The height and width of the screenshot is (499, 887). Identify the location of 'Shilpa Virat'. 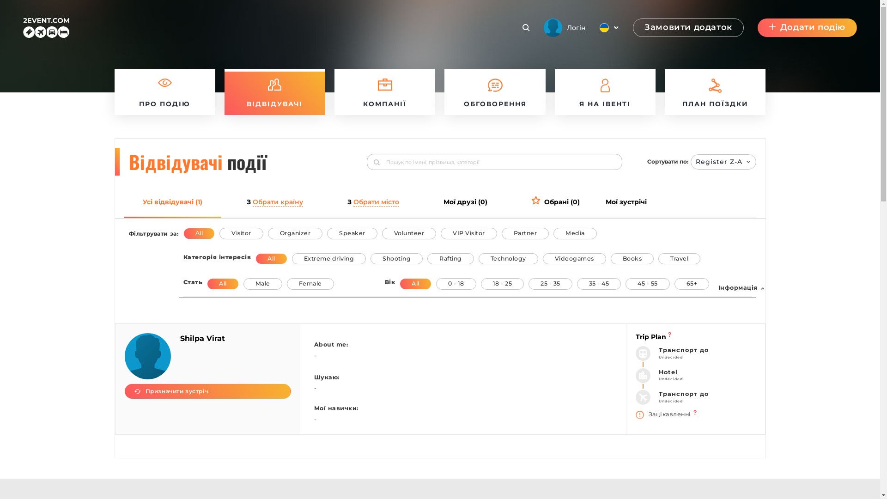
(202, 338).